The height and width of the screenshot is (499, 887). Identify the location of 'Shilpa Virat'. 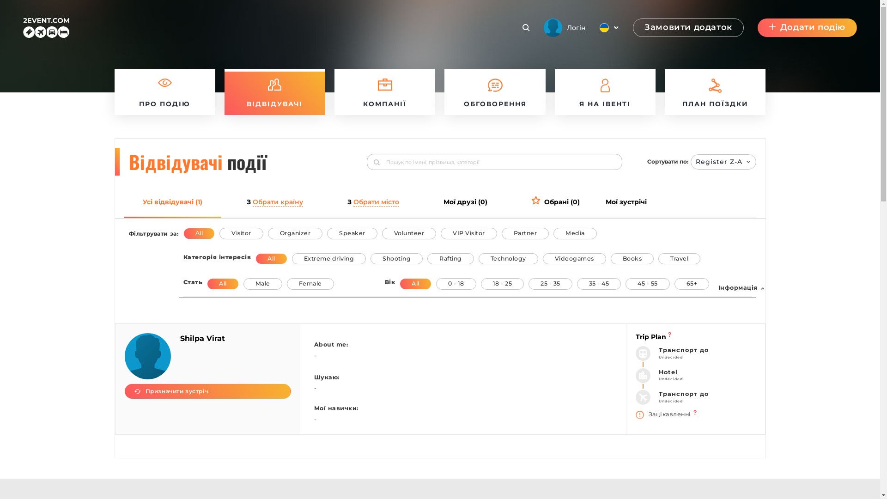
(202, 338).